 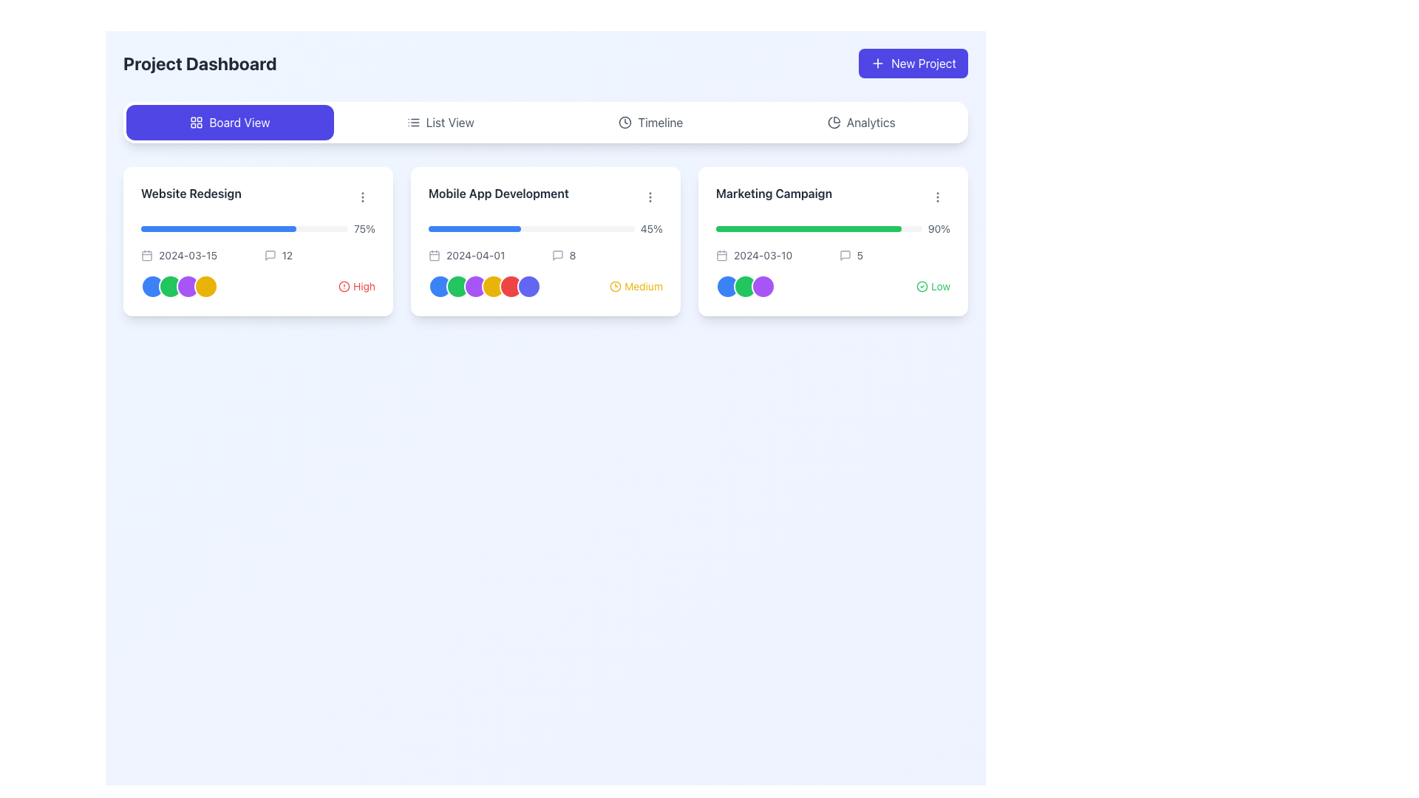 What do you see at coordinates (845, 255) in the screenshot?
I see `the comments icon in the 'Marketing Campaign' project card located in the 'Board View' section, which indicates 5 comments` at bounding box center [845, 255].